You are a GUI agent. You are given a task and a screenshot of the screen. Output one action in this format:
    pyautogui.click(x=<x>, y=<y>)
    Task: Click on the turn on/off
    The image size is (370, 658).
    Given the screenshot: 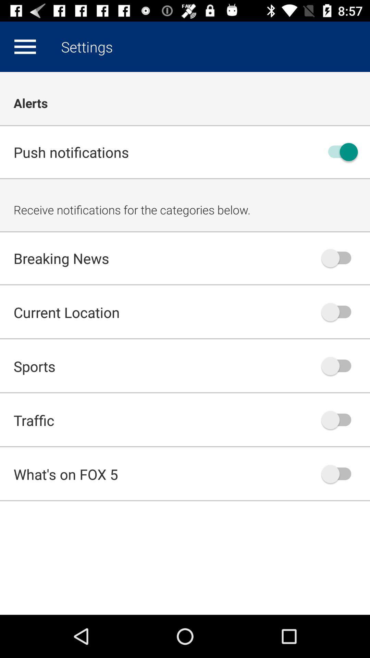 What is the action you would take?
    pyautogui.click(x=340, y=419)
    